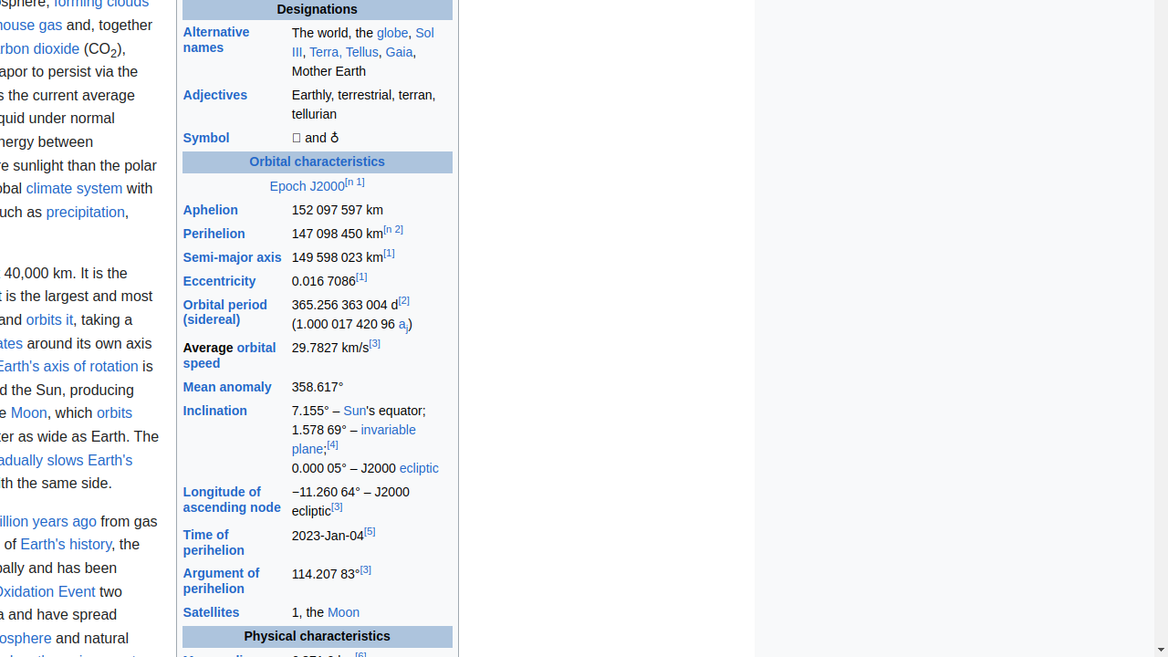 The height and width of the screenshot is (657, 1168). What do you see at coordinates (343, 612) in the screenshot?
I see `'Moon'` at bounding box center [343, 612].